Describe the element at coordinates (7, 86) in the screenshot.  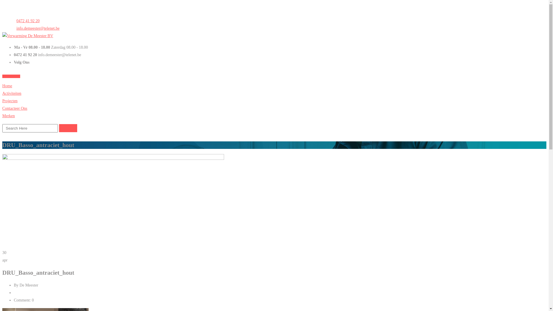
I see `'Home'` at that location.